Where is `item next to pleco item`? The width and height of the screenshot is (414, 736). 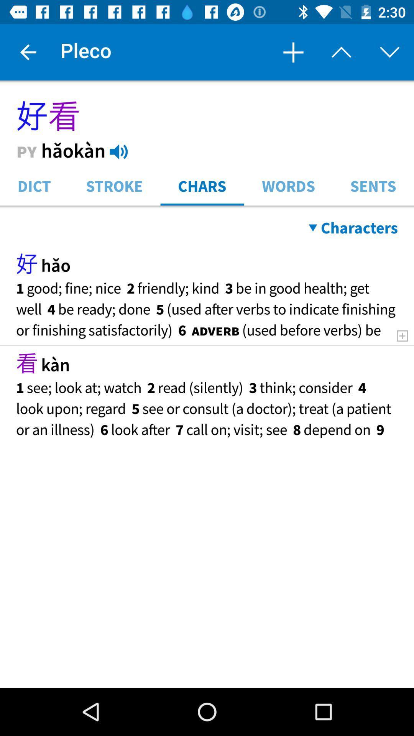
item next to pleco item is located at coordinates (28, 52).